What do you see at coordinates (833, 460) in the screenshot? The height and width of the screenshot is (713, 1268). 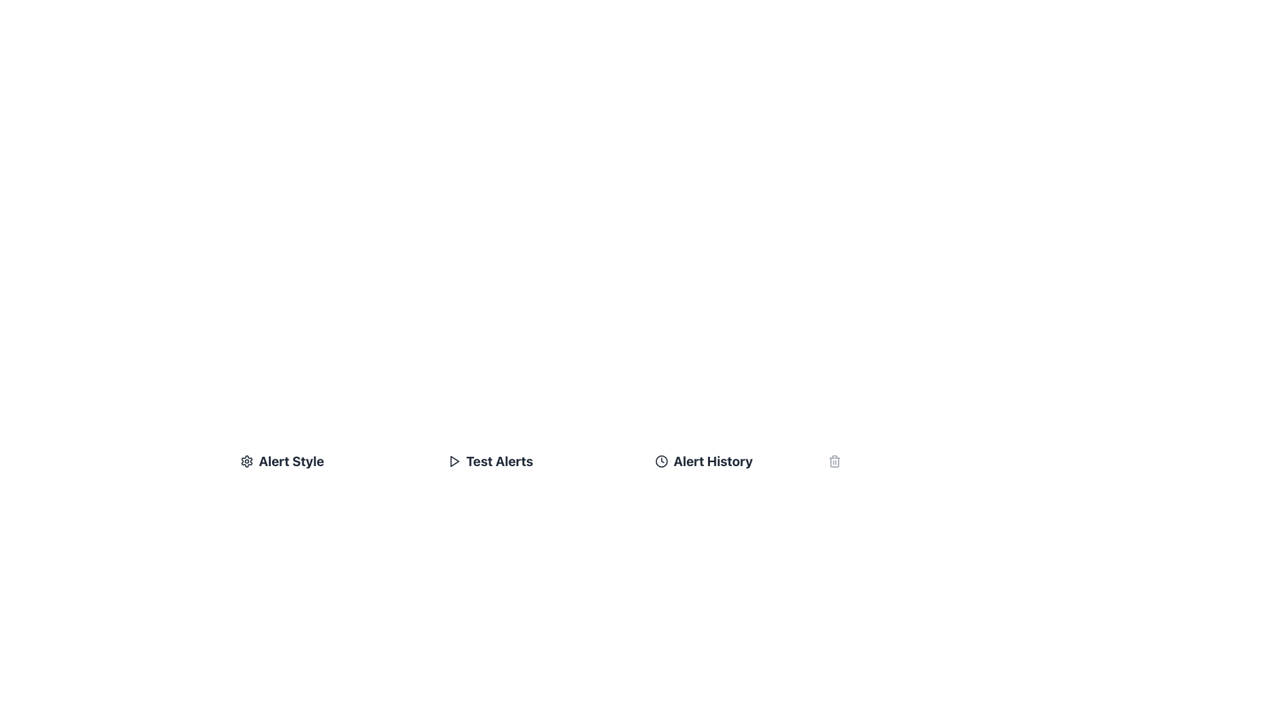 I see `the Trash icon button located at the right end of the 'Alert History' grouping` at bounding box center [833, 460].